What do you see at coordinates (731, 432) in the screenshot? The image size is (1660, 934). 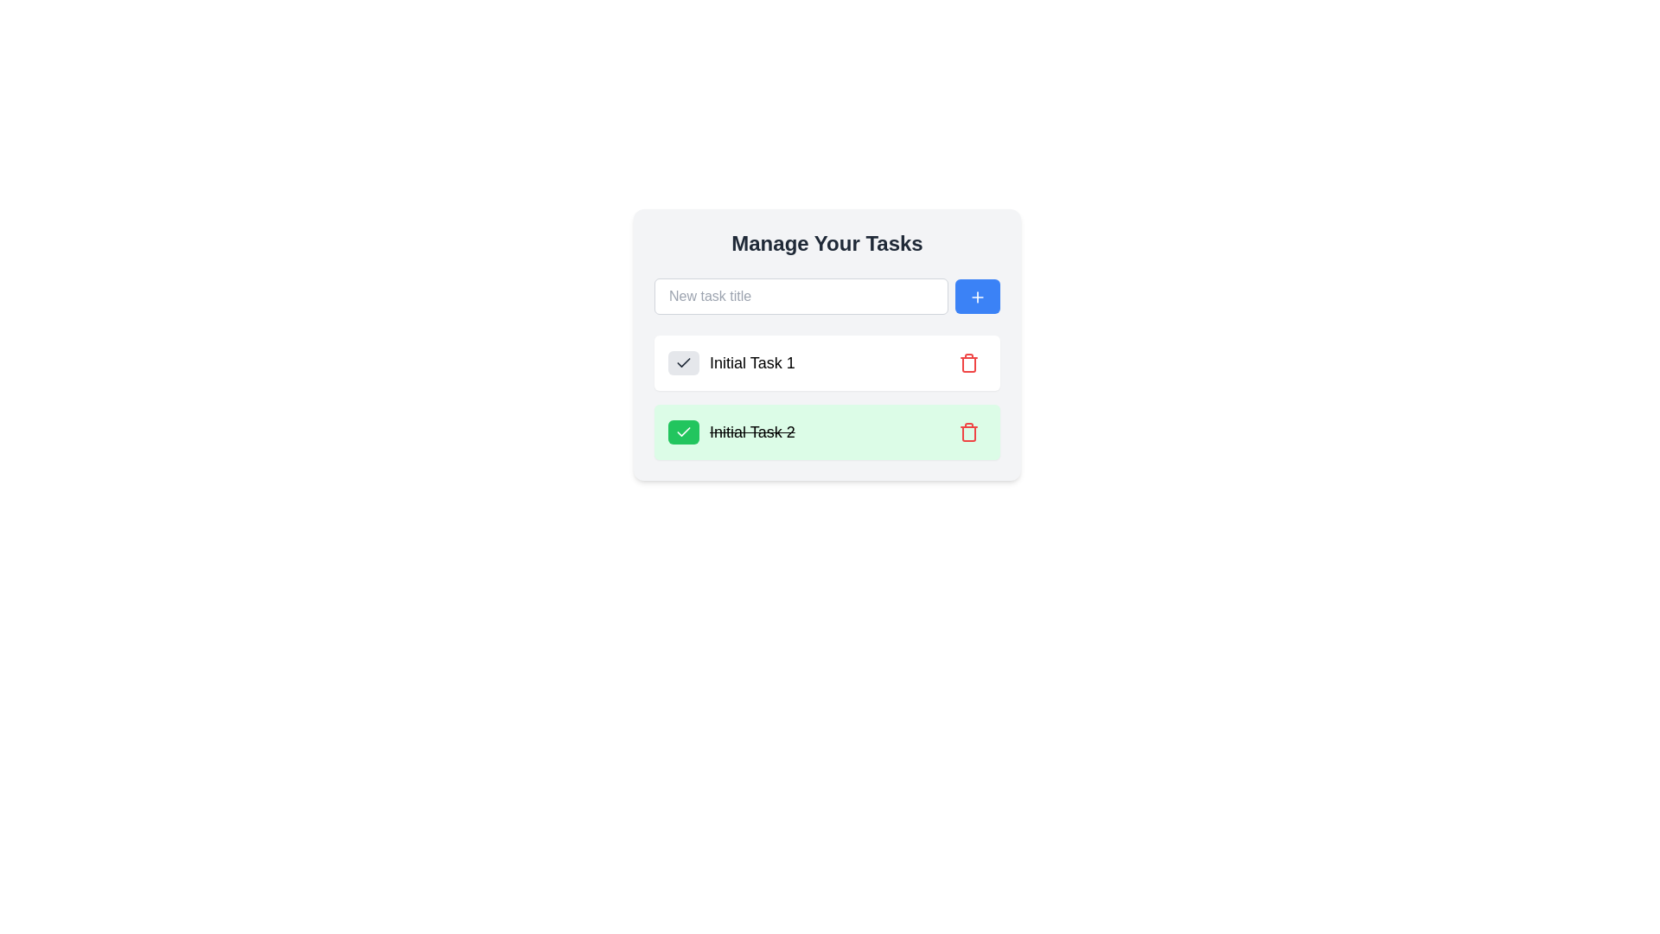 I see `the text label that indicates the status of a completed or canceled task in the task management application, which is the second item in a vertical list of tasks and is located to the right of a green checkbox icon` at bounding box center [731, 432].